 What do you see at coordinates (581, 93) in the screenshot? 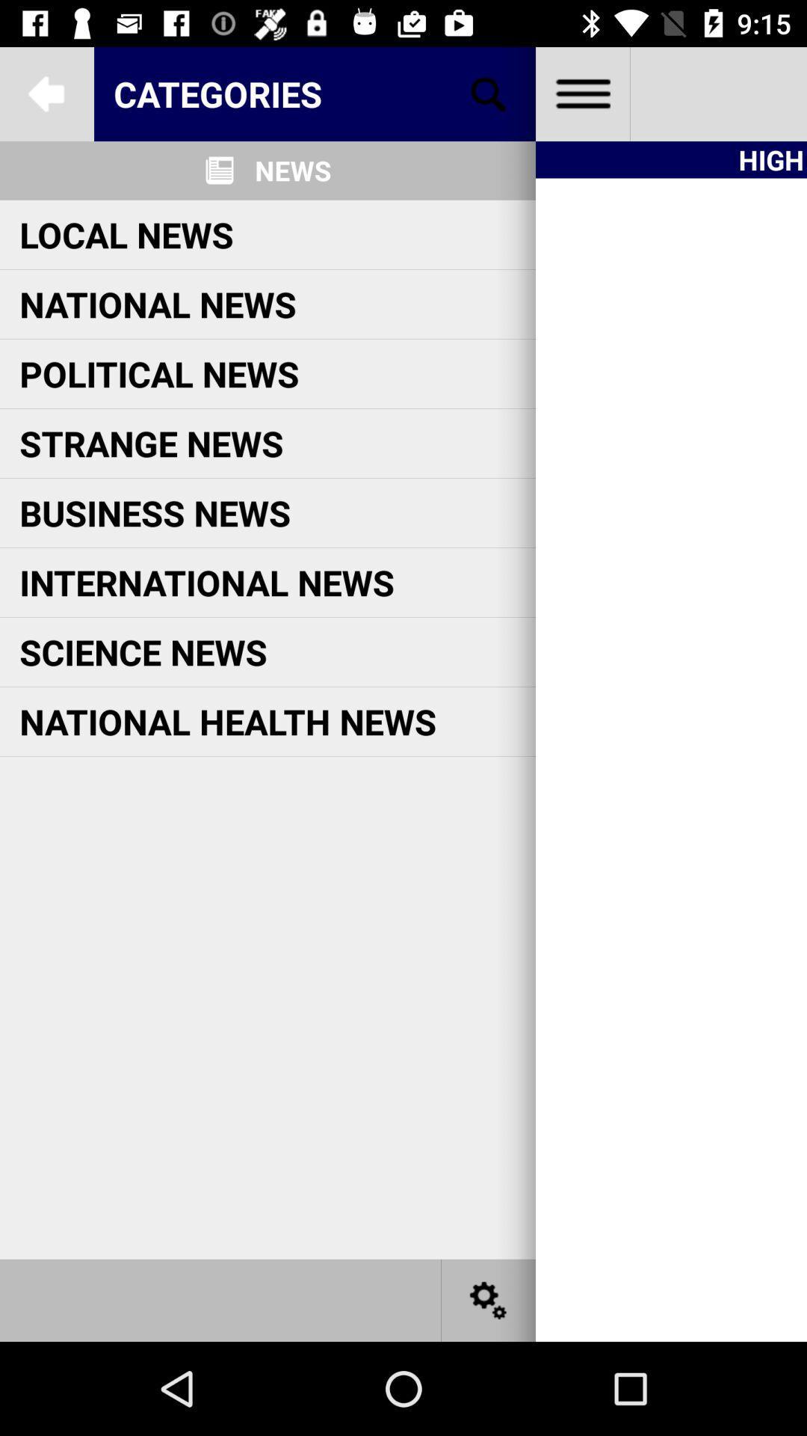
I see `the menu icon` at bounding box center [581, 93].